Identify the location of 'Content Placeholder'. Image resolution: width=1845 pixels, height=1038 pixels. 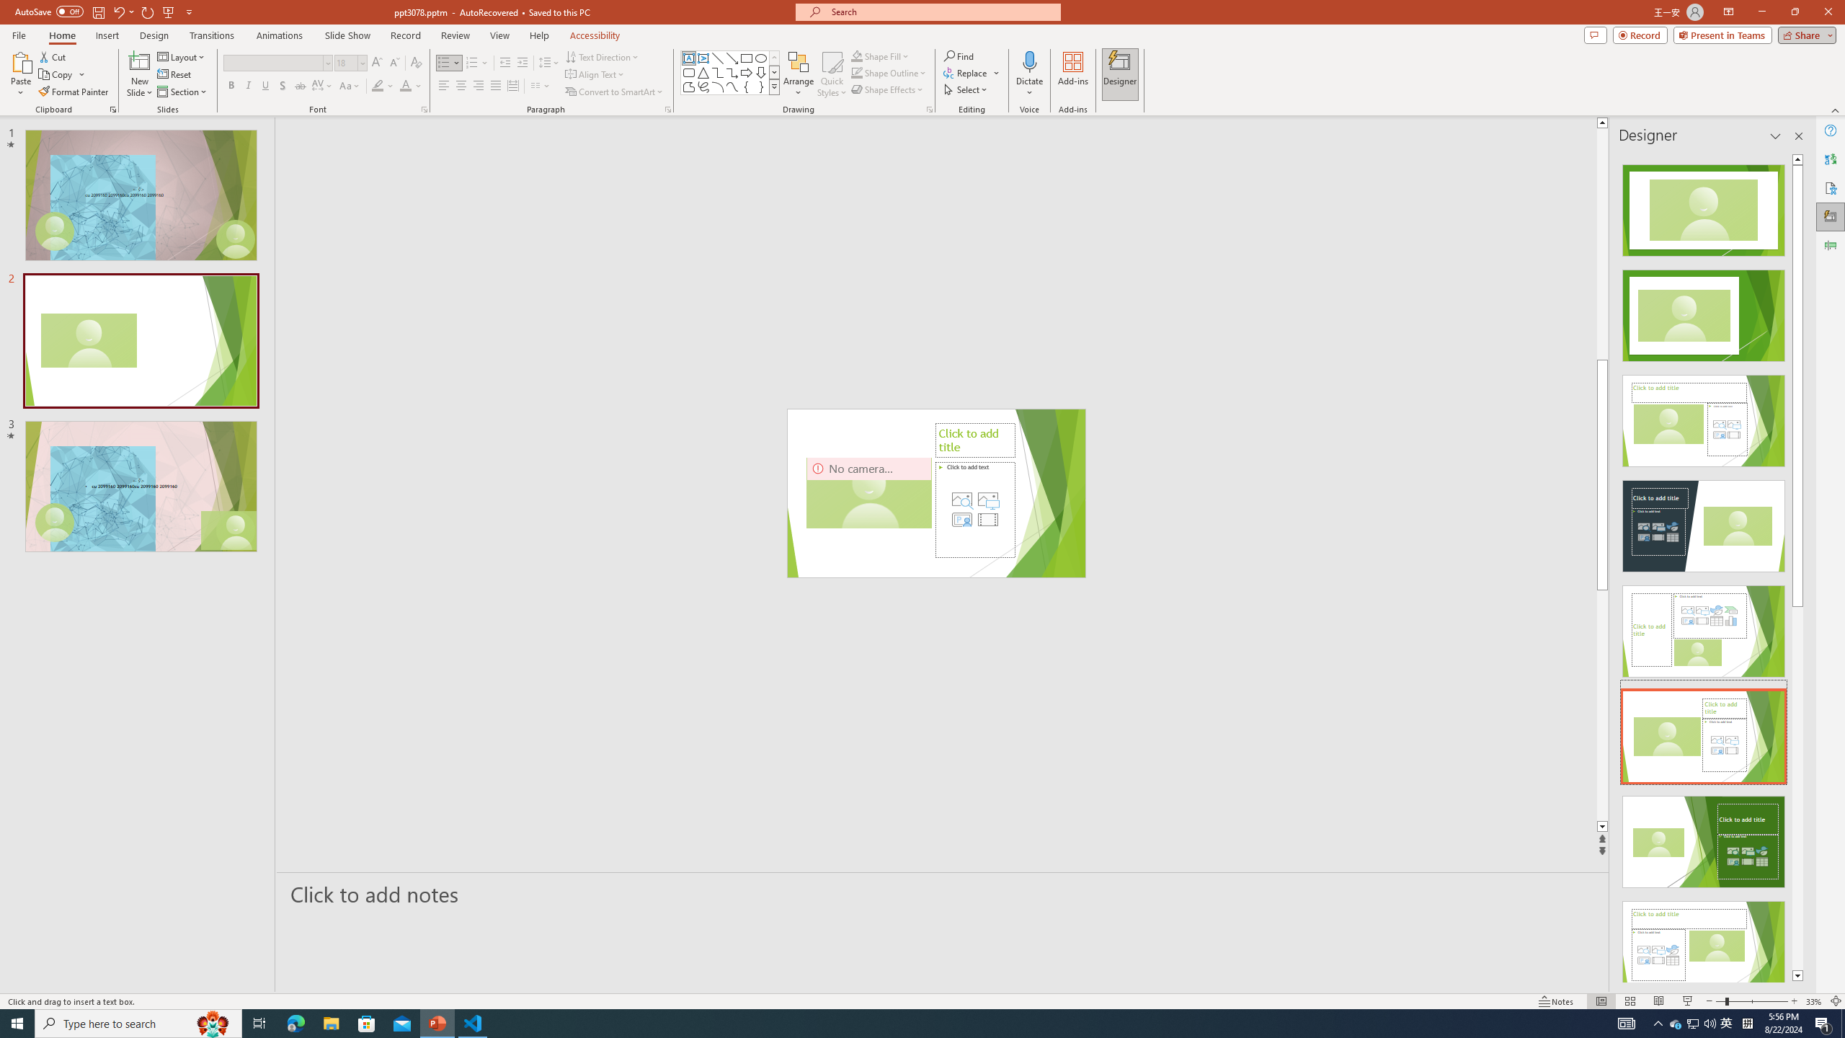
(974, 509).